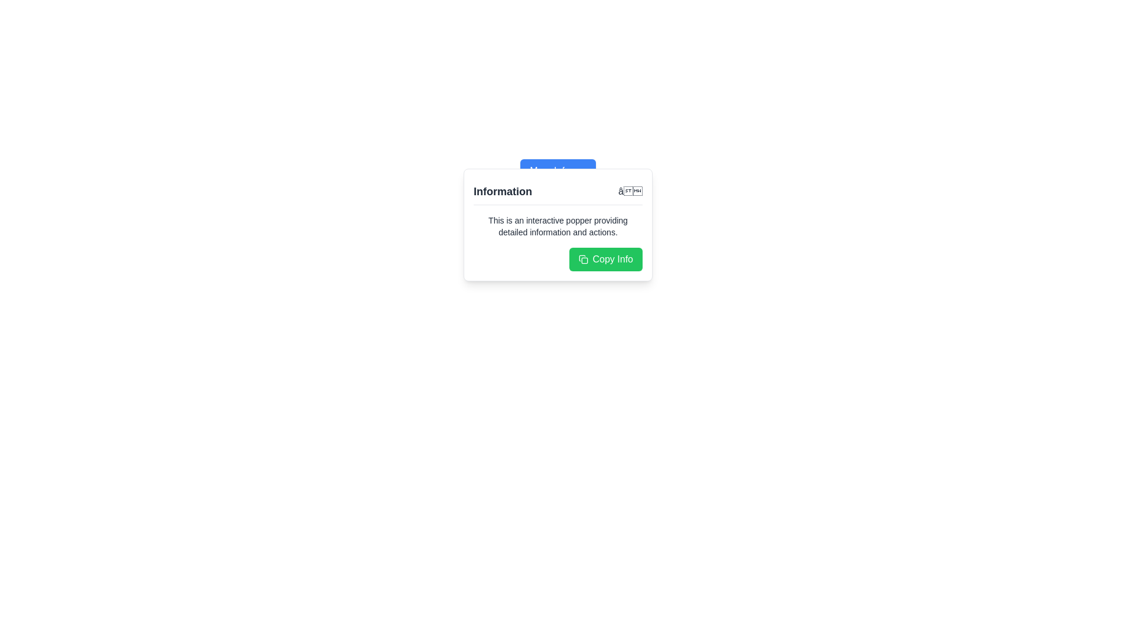 This screenshot has width=1134, height=637. Describe the element at coordinates (630, 191) in the screenshot. I see `the close button (icon-button) located in the top-right corner of the dialog box titled 'Information'` at that location.